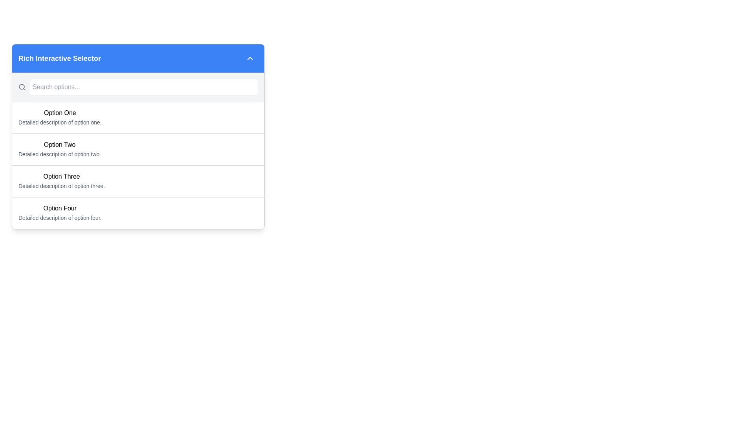 The height and width of the screenshot is (424, 754). Describe the element at coordinates (138, 213) in the screenshot. I see `the list item labeled 'Option Four'` at that location.